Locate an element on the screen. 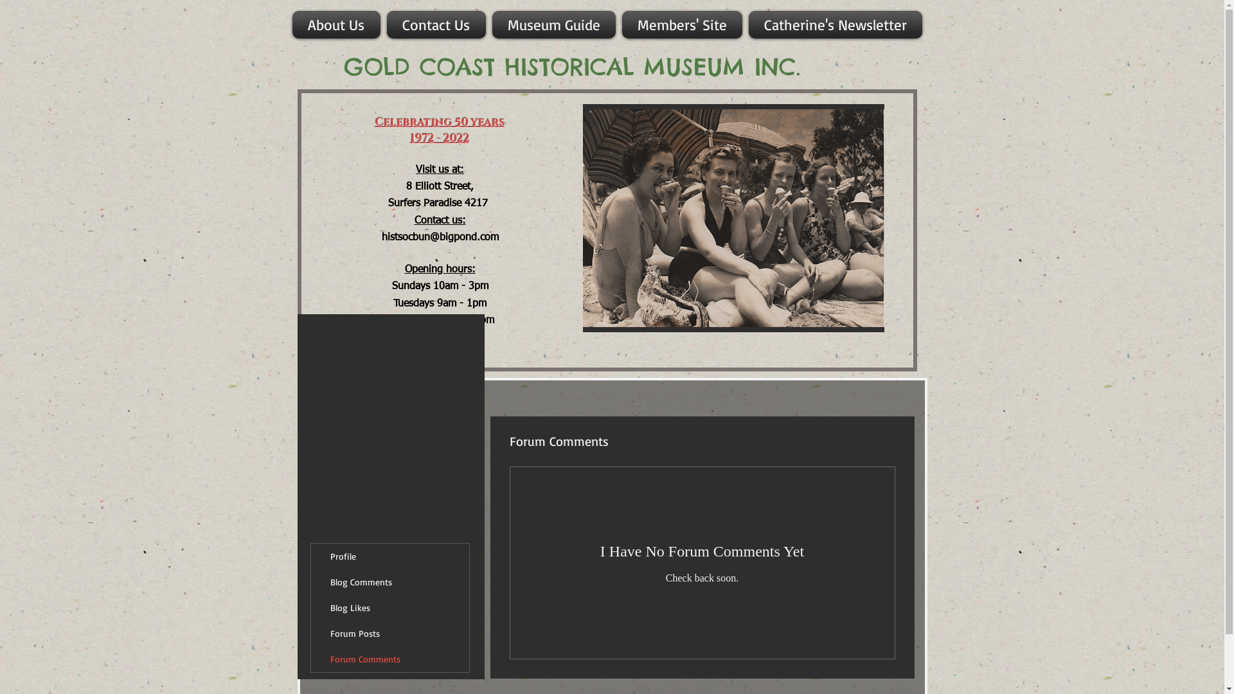 This screenshot has height=694, width=1234. 'Catherine's Newsletter' is located at coordinates (834, 24).